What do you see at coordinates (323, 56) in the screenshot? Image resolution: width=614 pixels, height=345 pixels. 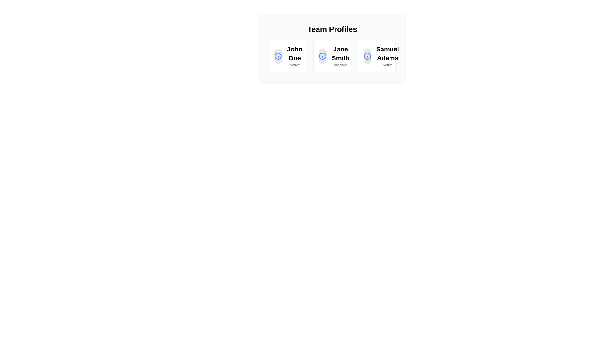 I see `the vibrant blue circular SVG element that is part of the information icon in the 'Jane Smith' profile card located in the 'Team Profiles' section` at bounding box center [323, 56].